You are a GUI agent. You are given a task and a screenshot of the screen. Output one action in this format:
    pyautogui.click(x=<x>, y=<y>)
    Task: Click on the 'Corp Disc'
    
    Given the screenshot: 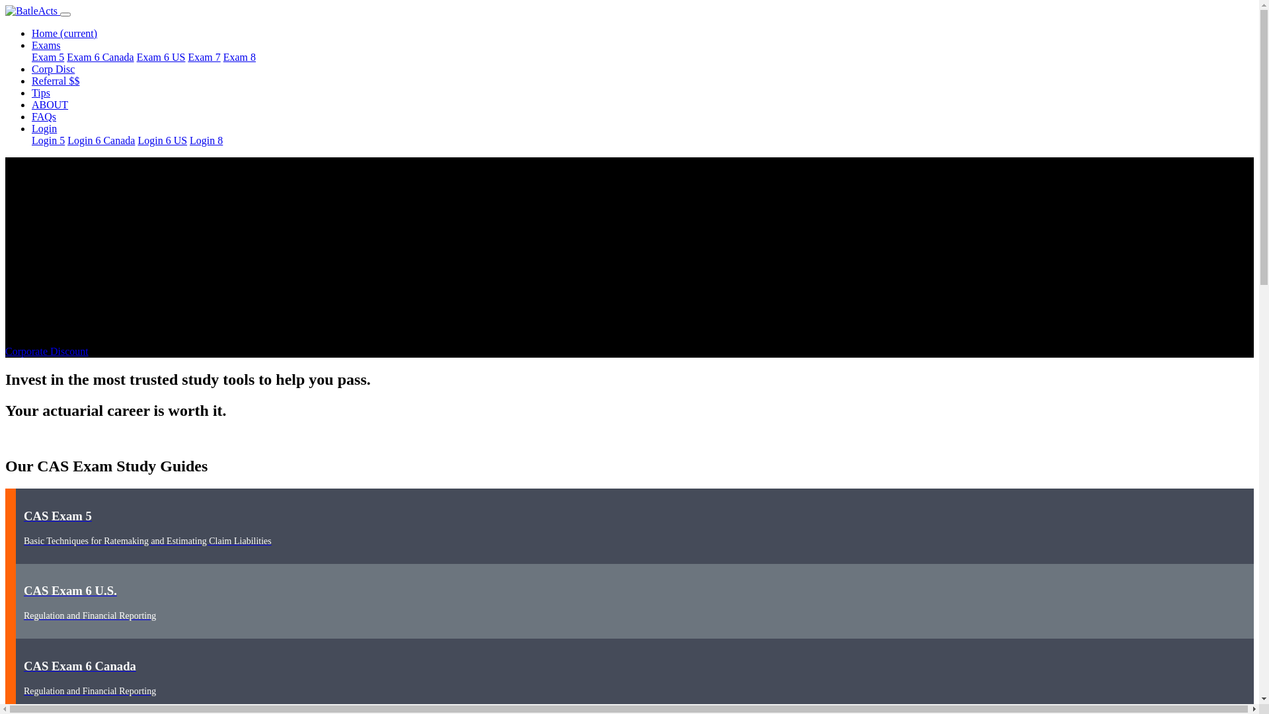 What is the action you would take?
    pyautogui.click(x=53, y=69)
    